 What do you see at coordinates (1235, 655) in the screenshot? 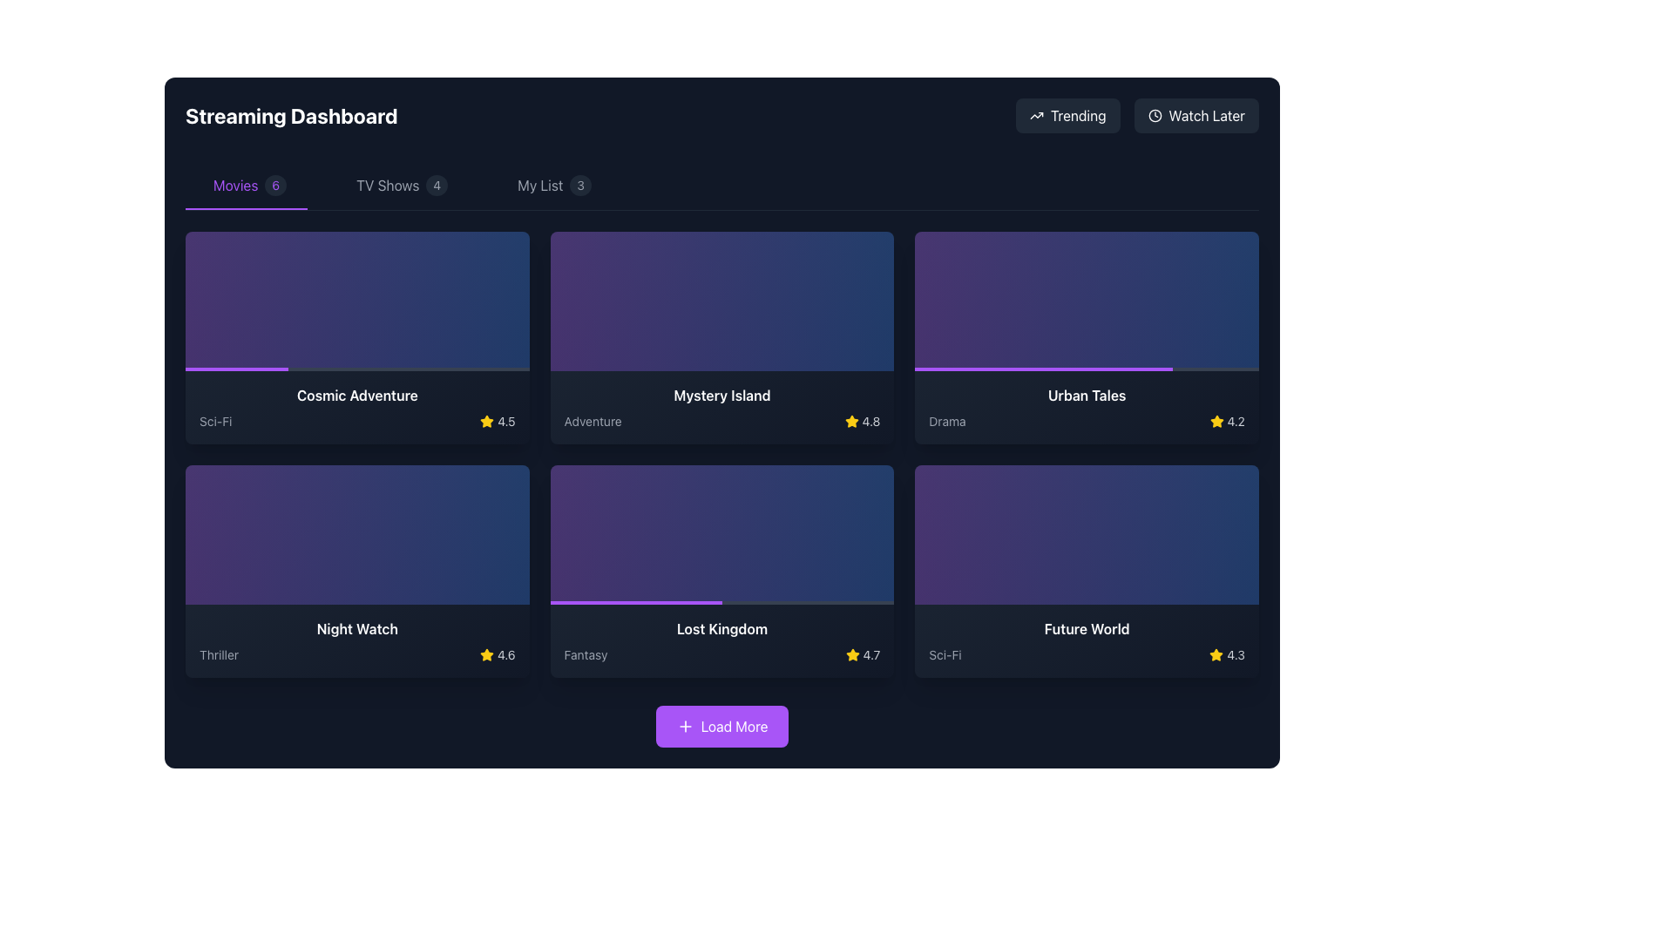
I see `the movie rating display text for 'Future World', which indicates its popularity or quality and is positioned to the right of a small yellow star icon` at bounding box center [1235, 655].